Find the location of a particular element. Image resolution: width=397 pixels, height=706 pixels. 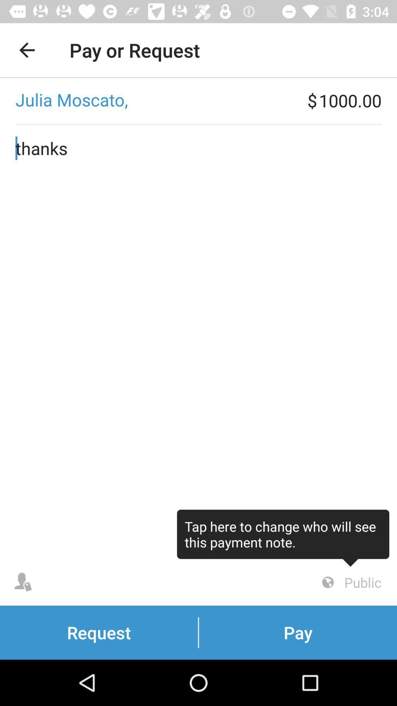

icon above the request icon is located at coordinates (283, 538).